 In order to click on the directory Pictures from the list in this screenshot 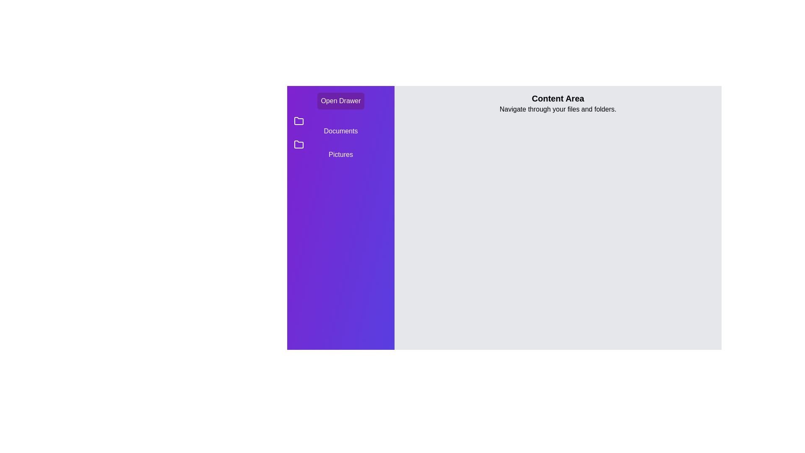, I will do `click(340, 149)`.